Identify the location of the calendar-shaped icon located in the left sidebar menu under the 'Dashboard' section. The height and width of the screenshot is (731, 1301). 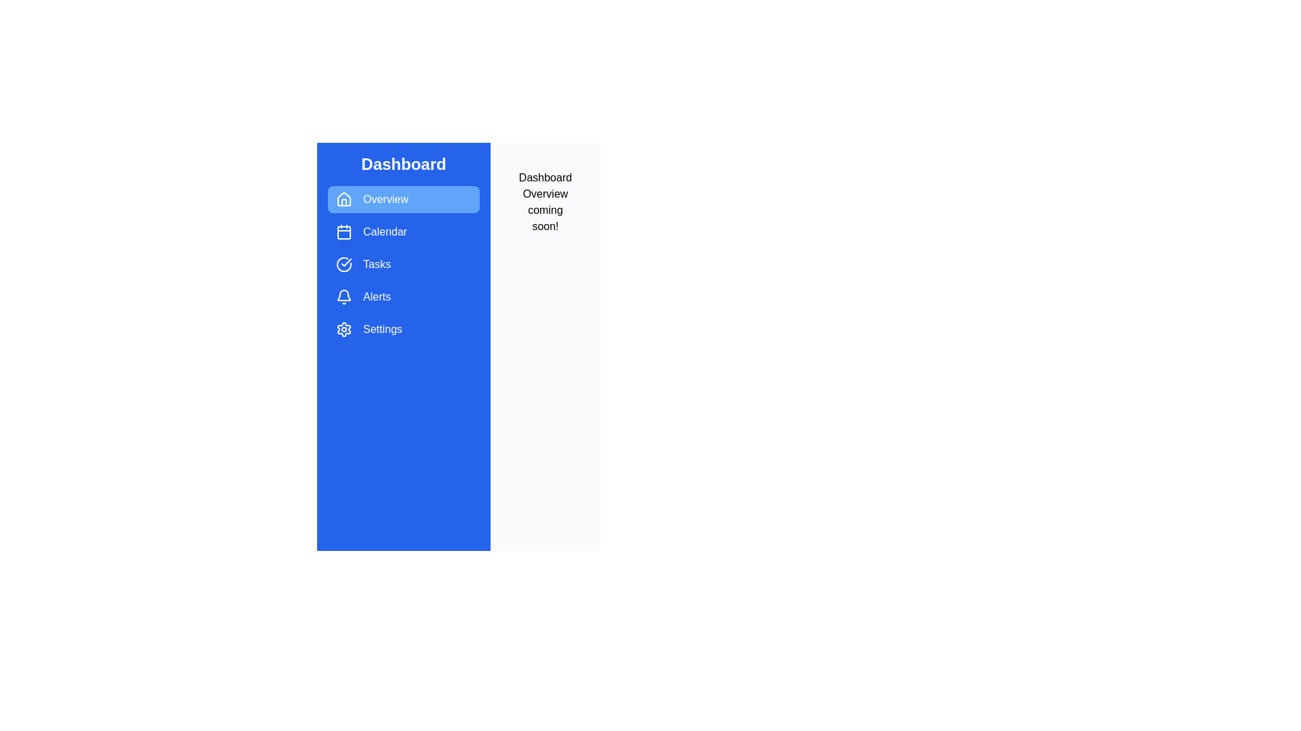
(344, 231).